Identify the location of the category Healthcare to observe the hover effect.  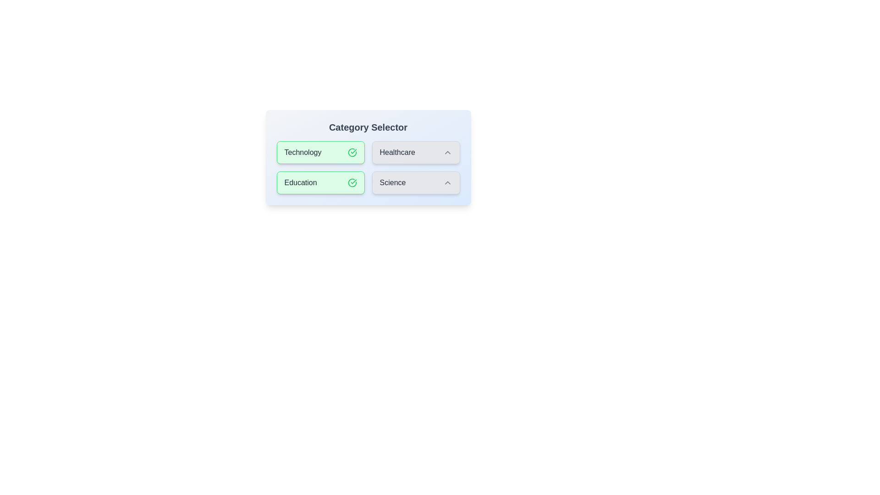
(415, 152).